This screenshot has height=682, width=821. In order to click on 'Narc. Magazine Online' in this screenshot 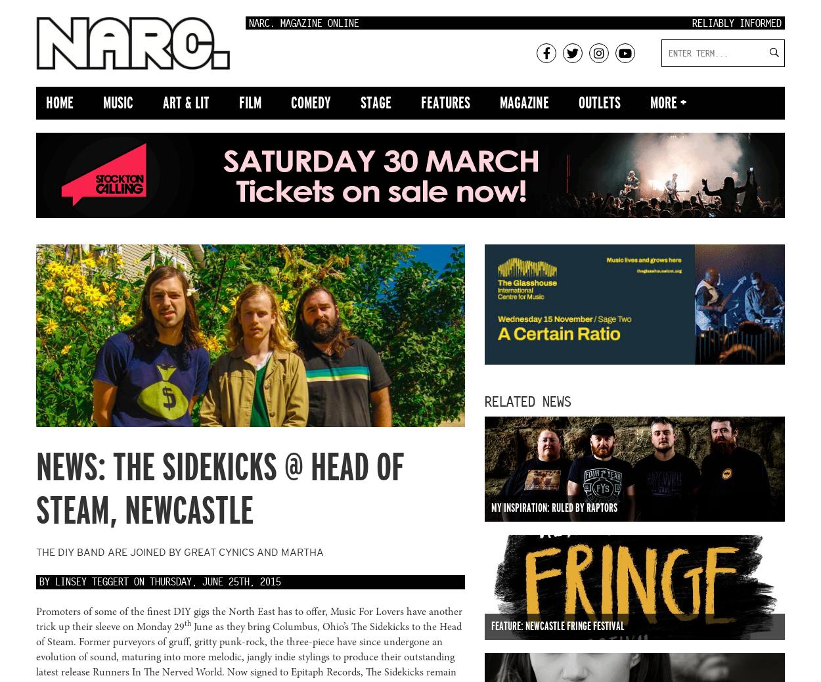, I will do `click(249, 23)`.